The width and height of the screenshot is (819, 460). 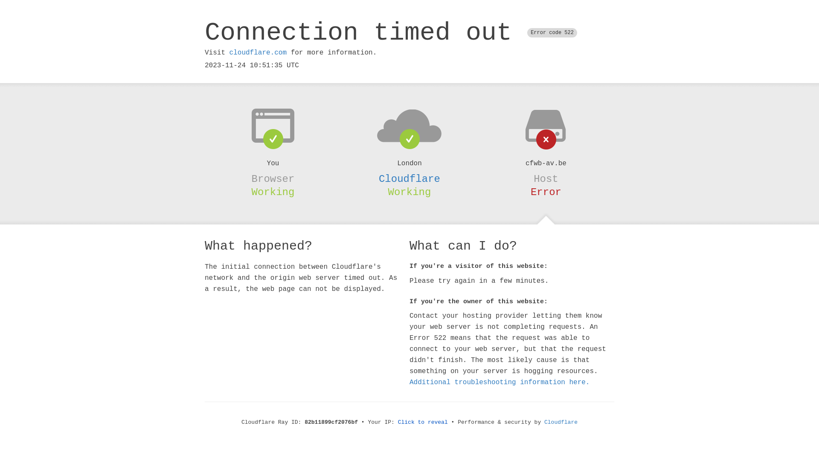 What do you see at coordinates (500, 382) in the screenshot?
I see `'Additional troubleshooting information here.'` at bounding box center [500, 382].